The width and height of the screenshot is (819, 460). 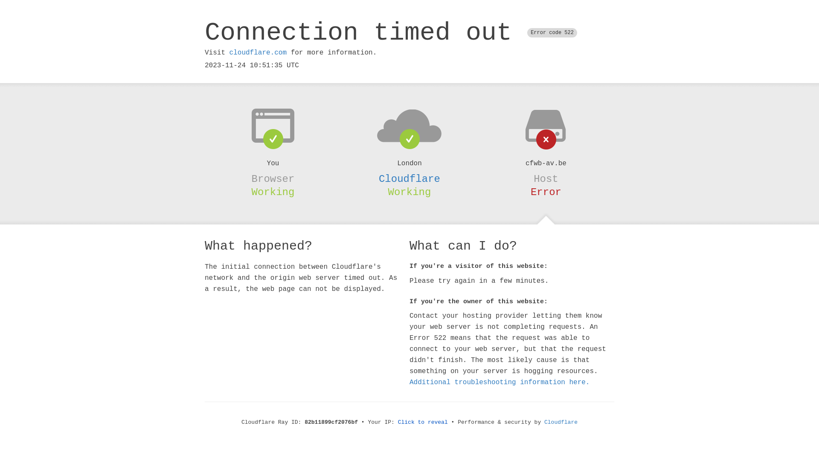 What do you see at coordinates (500, 382) in the screenshot?
I see `'Additional troubleshooting information here.'` at bounding box center [500, 382].